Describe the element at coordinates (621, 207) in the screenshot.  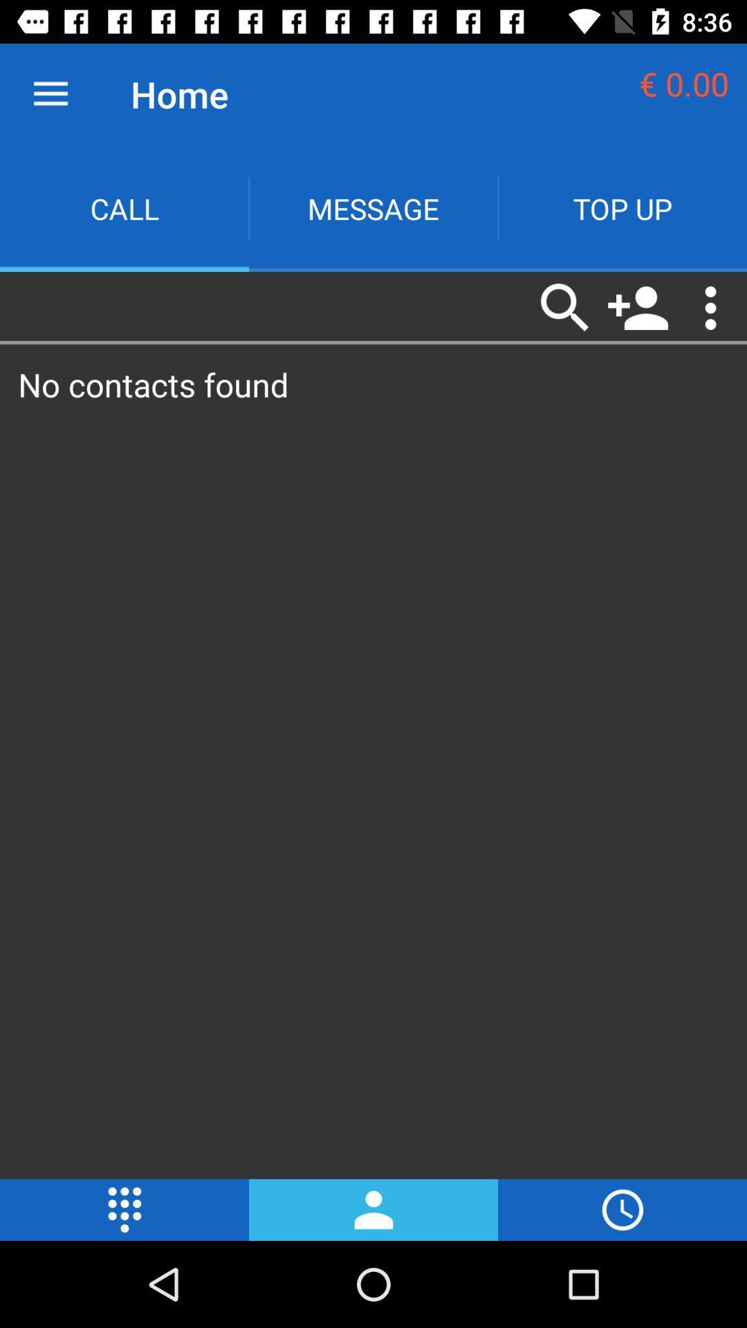
I see `the text top up` at that location.